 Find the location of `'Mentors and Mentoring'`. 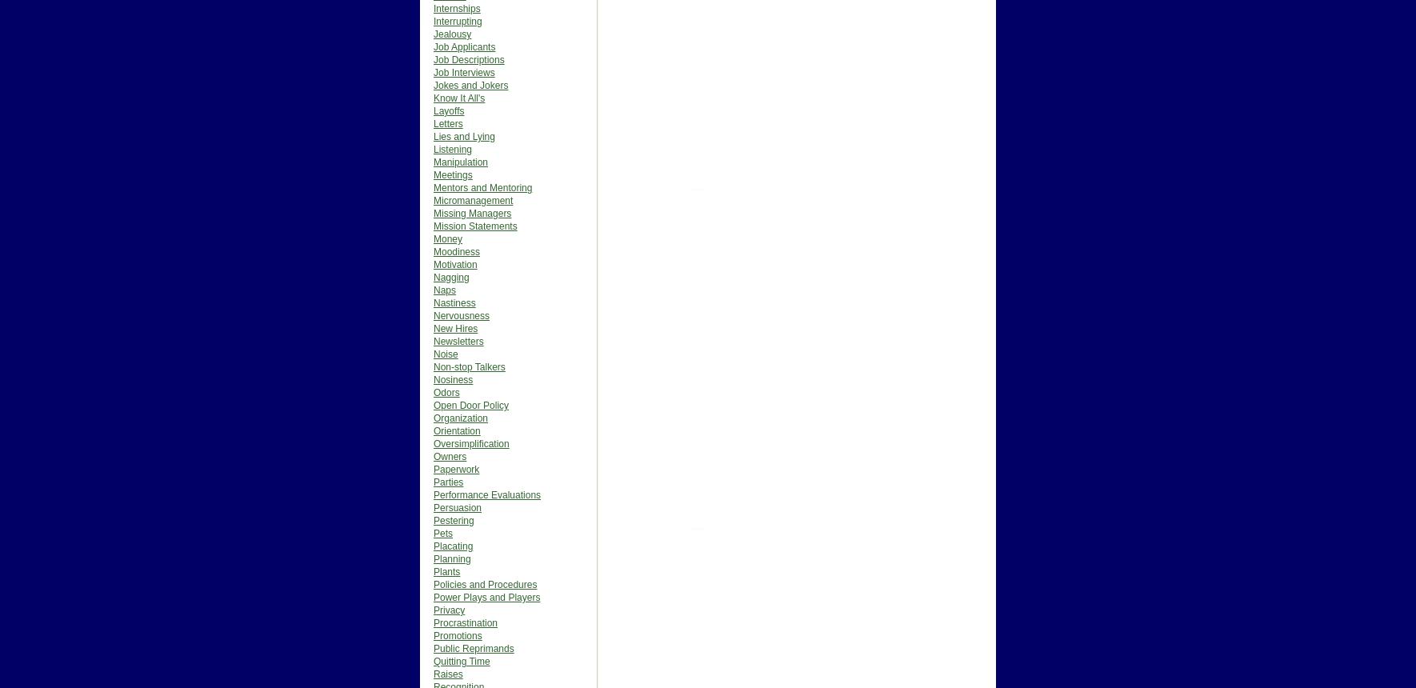

'Mentors and Mentoring' is located at coordinates (482, 188).